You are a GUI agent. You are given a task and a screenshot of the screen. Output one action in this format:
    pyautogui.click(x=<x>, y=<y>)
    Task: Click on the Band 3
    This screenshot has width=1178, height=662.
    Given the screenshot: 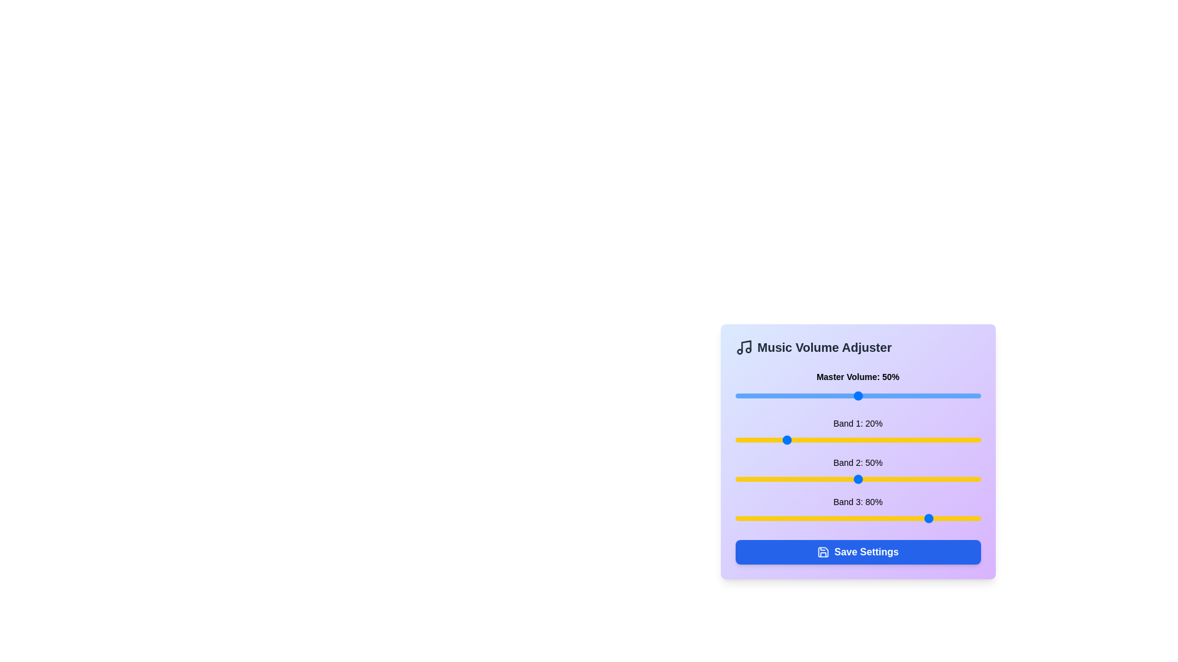 What is the action you would take?
    pyautogui.click(x=804, y=518)
    